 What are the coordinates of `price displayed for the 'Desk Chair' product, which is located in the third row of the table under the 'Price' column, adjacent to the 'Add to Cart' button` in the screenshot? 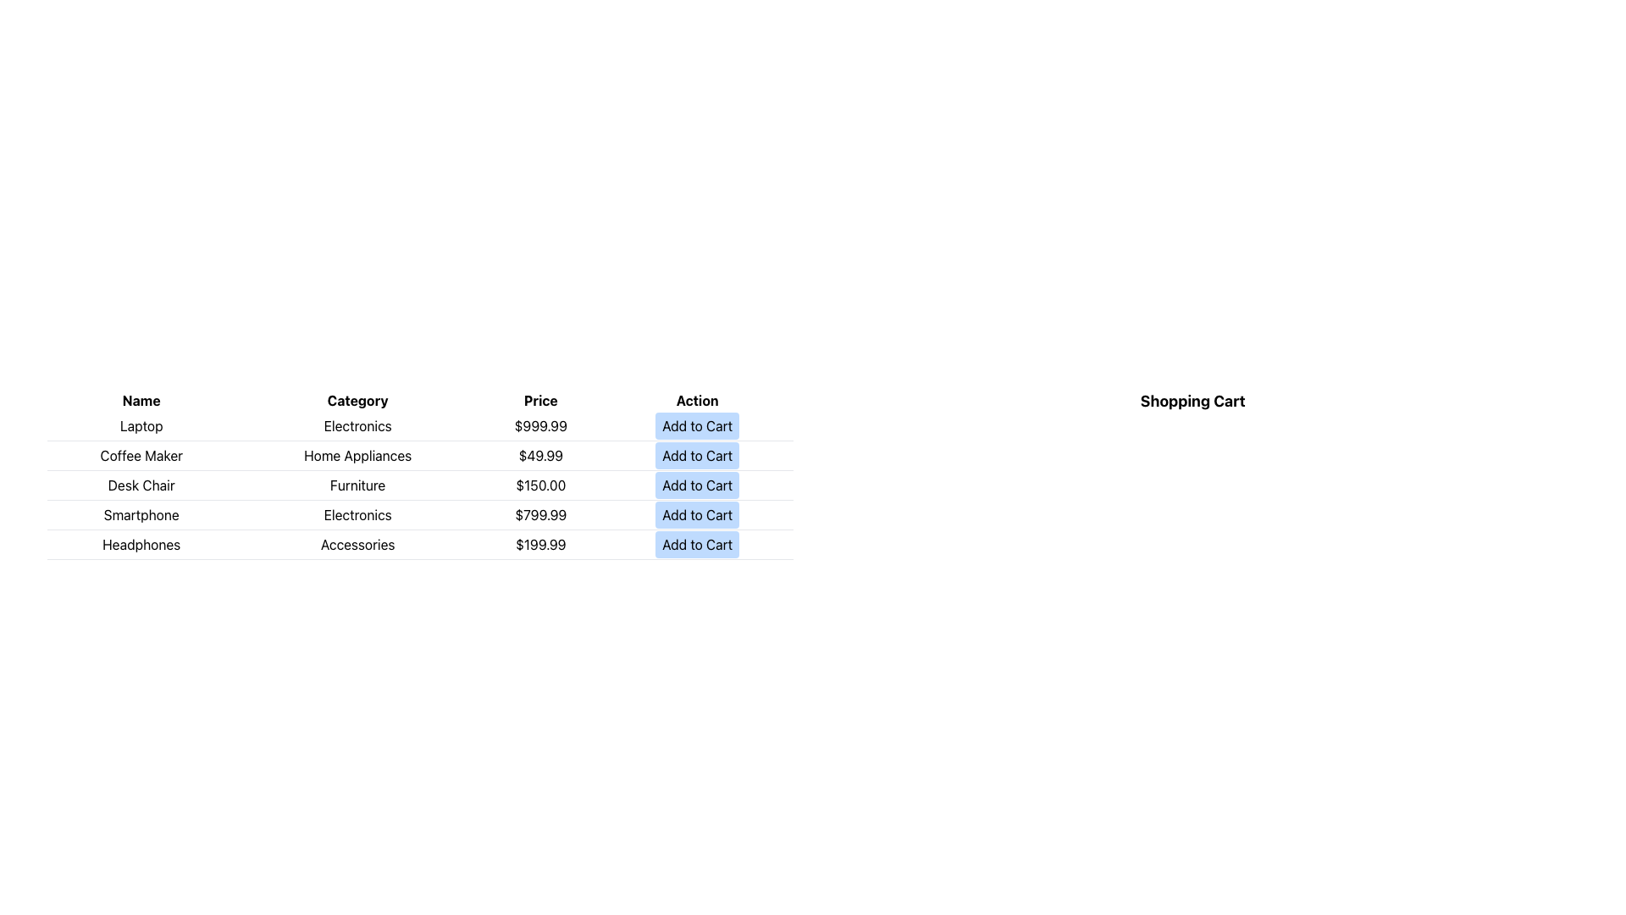 It's located at (539, 485).